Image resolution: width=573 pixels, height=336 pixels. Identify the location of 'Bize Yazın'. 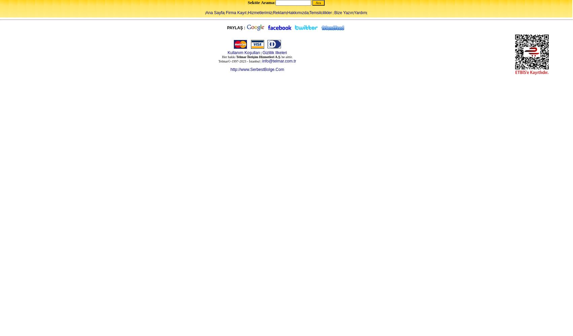
(343, 13).